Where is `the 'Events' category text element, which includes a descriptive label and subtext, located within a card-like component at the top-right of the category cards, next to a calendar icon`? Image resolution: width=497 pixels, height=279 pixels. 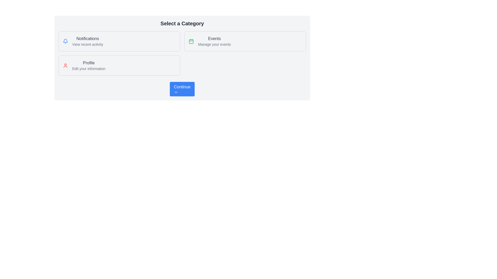 the 'Events' category text element, which includes a descriptive label and subtext, located within a card-like component at the top-right of the category cards, next to a calendar icon is located at coordinates (214, 41).